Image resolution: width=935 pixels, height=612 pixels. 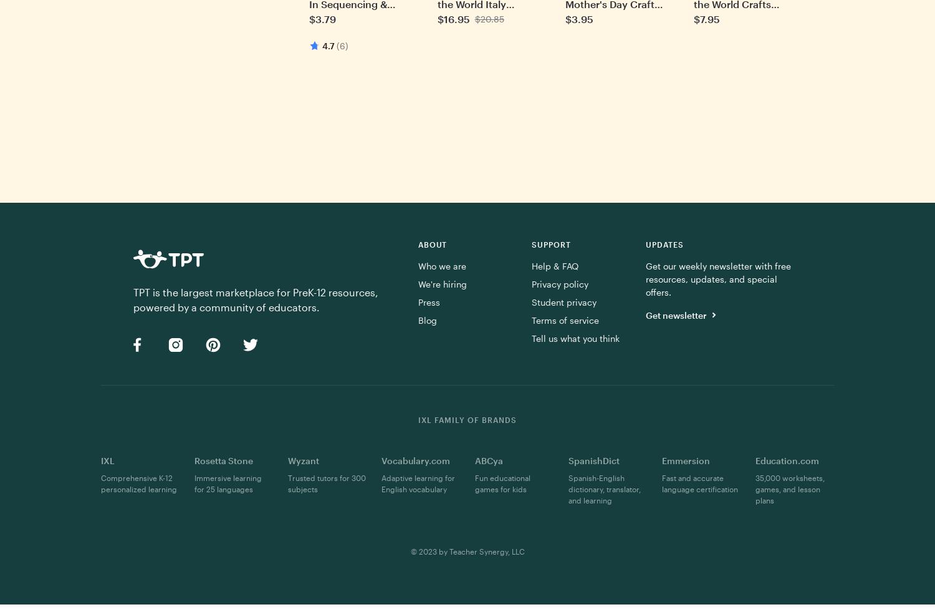 I want to click on 'Updates', so click(x=663, y=244).